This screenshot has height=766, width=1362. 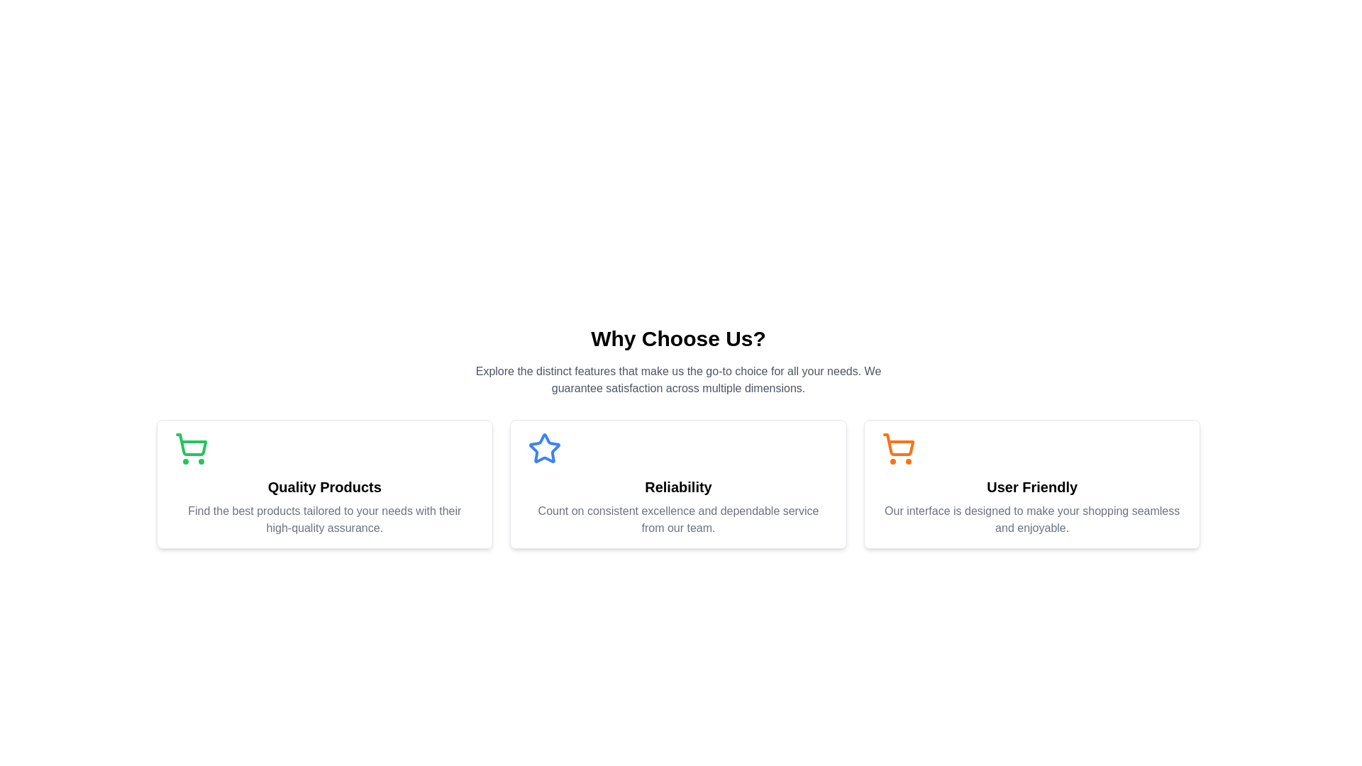 What do you see at coordinates (544, 448) in the screenshot?
I see `the 'Reliability' icon` at bounding box center [544, 448].